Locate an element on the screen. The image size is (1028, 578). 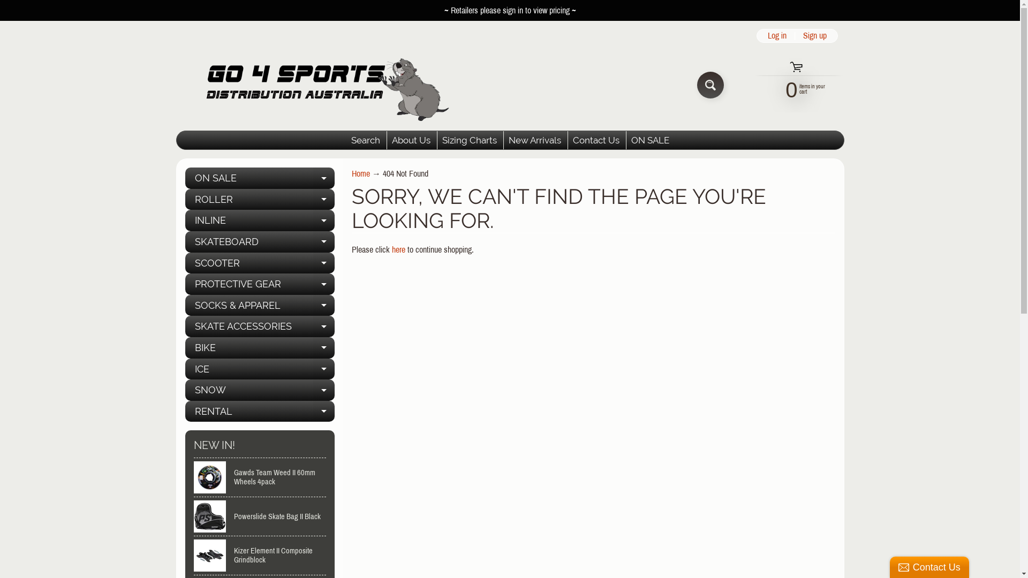
'SOCKS & APPAREL is located at coordinates (185, 305).